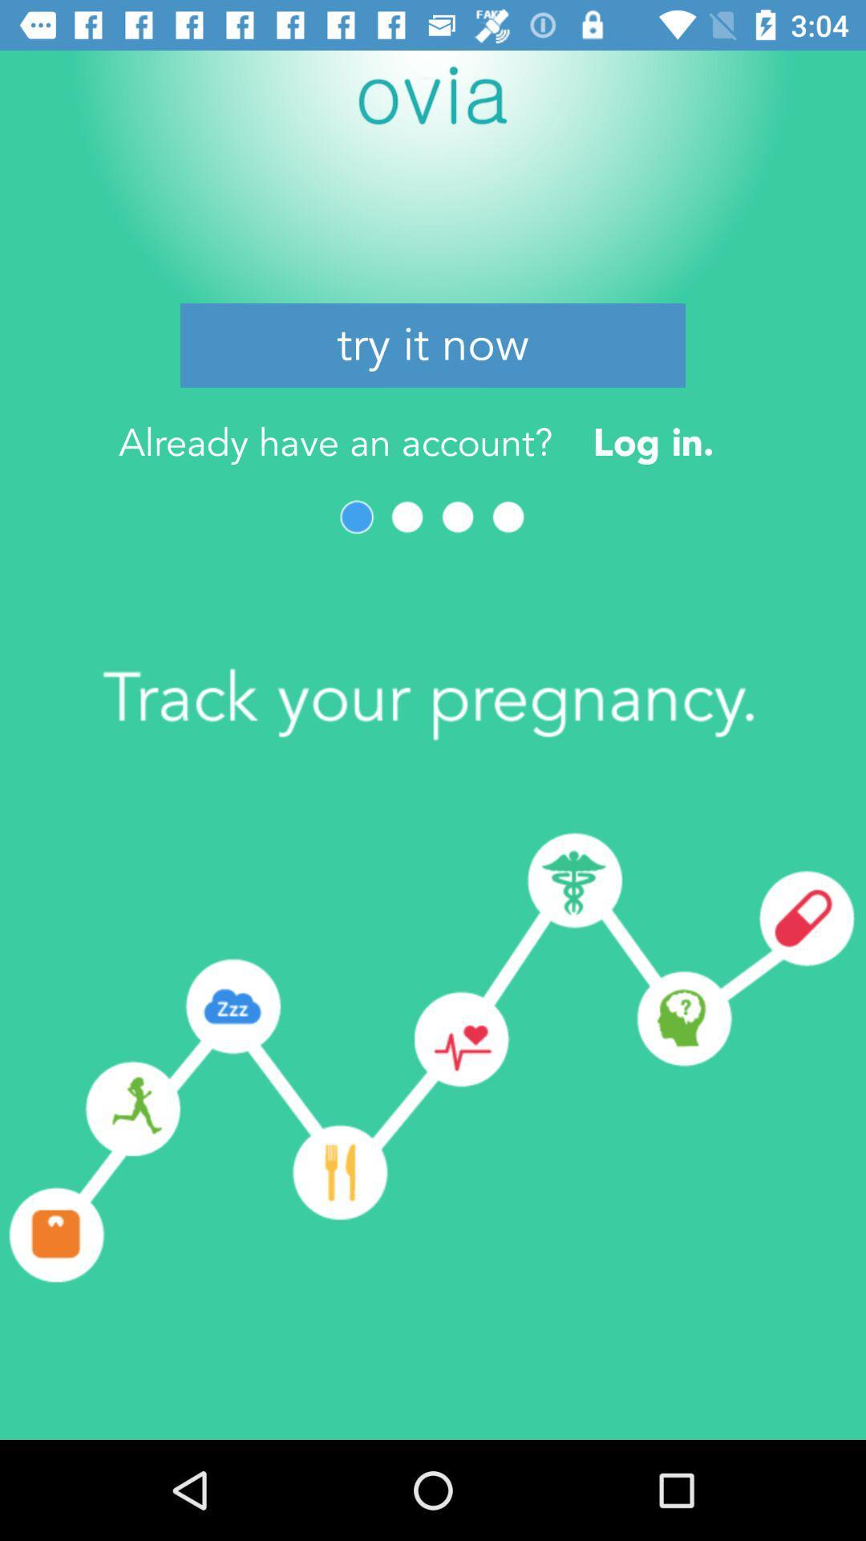 This screenshot has width=866, height=1541. I want to click on screen 4, so click(508, 517).